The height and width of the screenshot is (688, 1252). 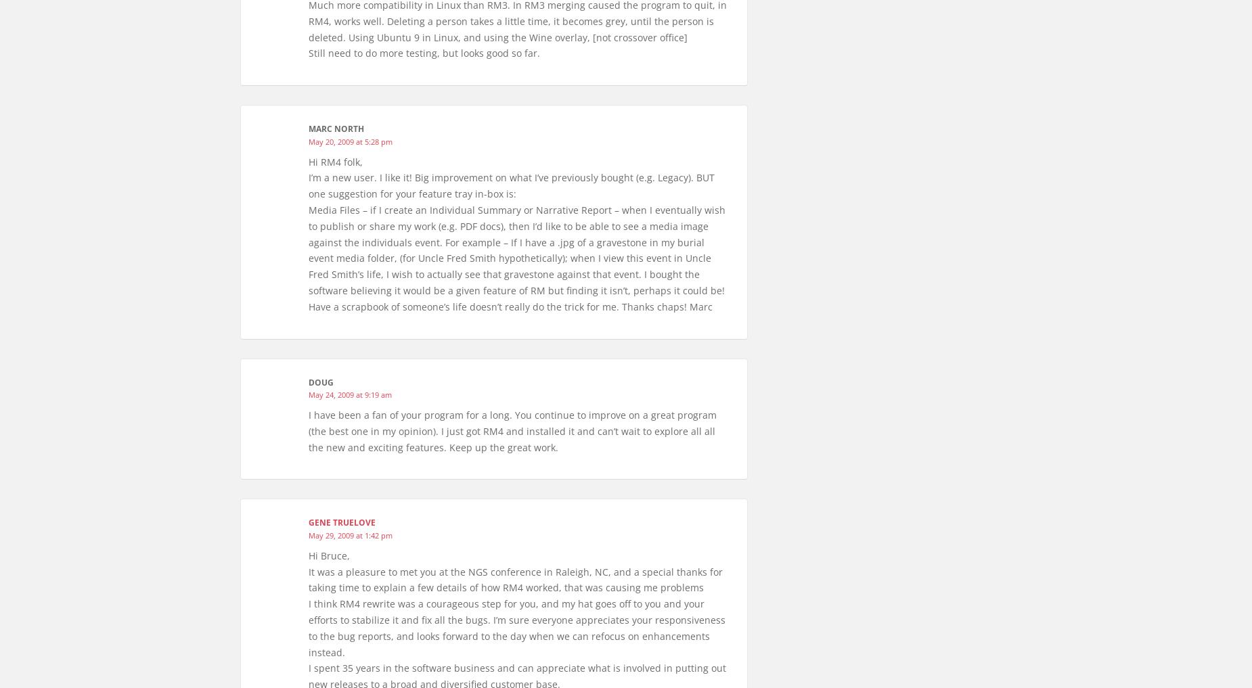 What do you see at coordinates (350, 393) in the screenshot?
I see `'May 24, 2009 at 9:19 am'` at bounding box center [350, 393].